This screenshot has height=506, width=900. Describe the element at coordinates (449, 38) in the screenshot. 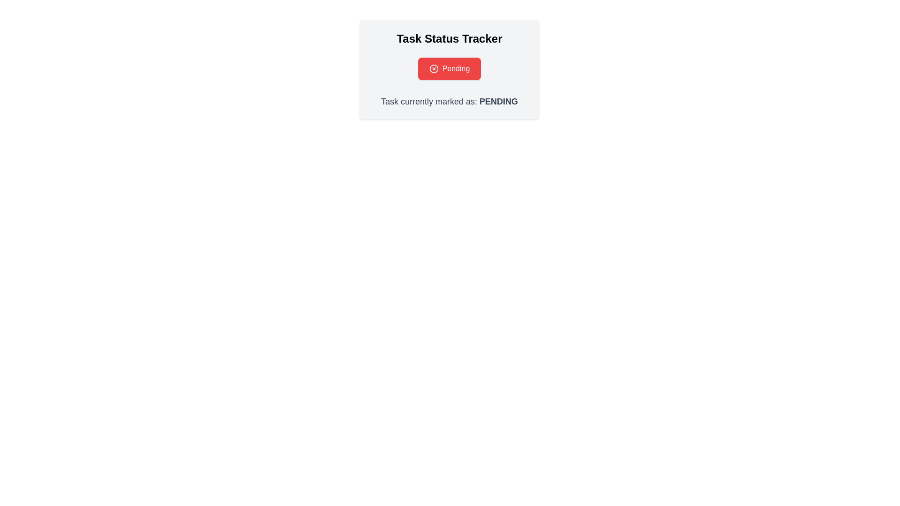

I see `the title text of the card, which serves as a static heading and is centrally aligned at the top of the card` at that location.